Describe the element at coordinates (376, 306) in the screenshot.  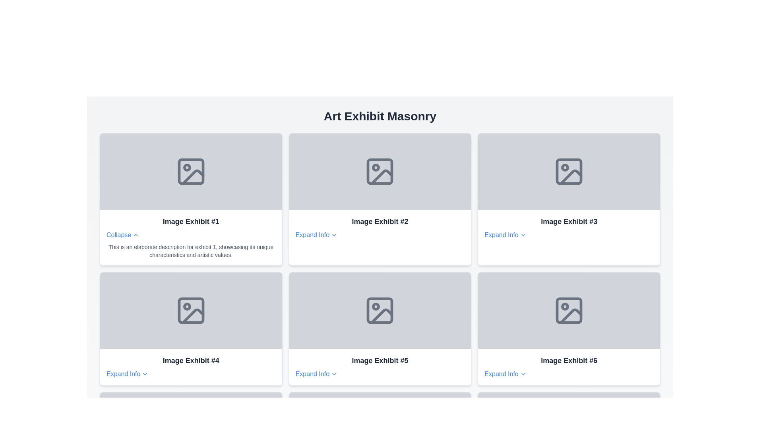
I see `the small circular dot located inside the photo icon of the 'Image Exhibit #5' card, which is the second card in the second row of the exhibit grid layout` at that location.